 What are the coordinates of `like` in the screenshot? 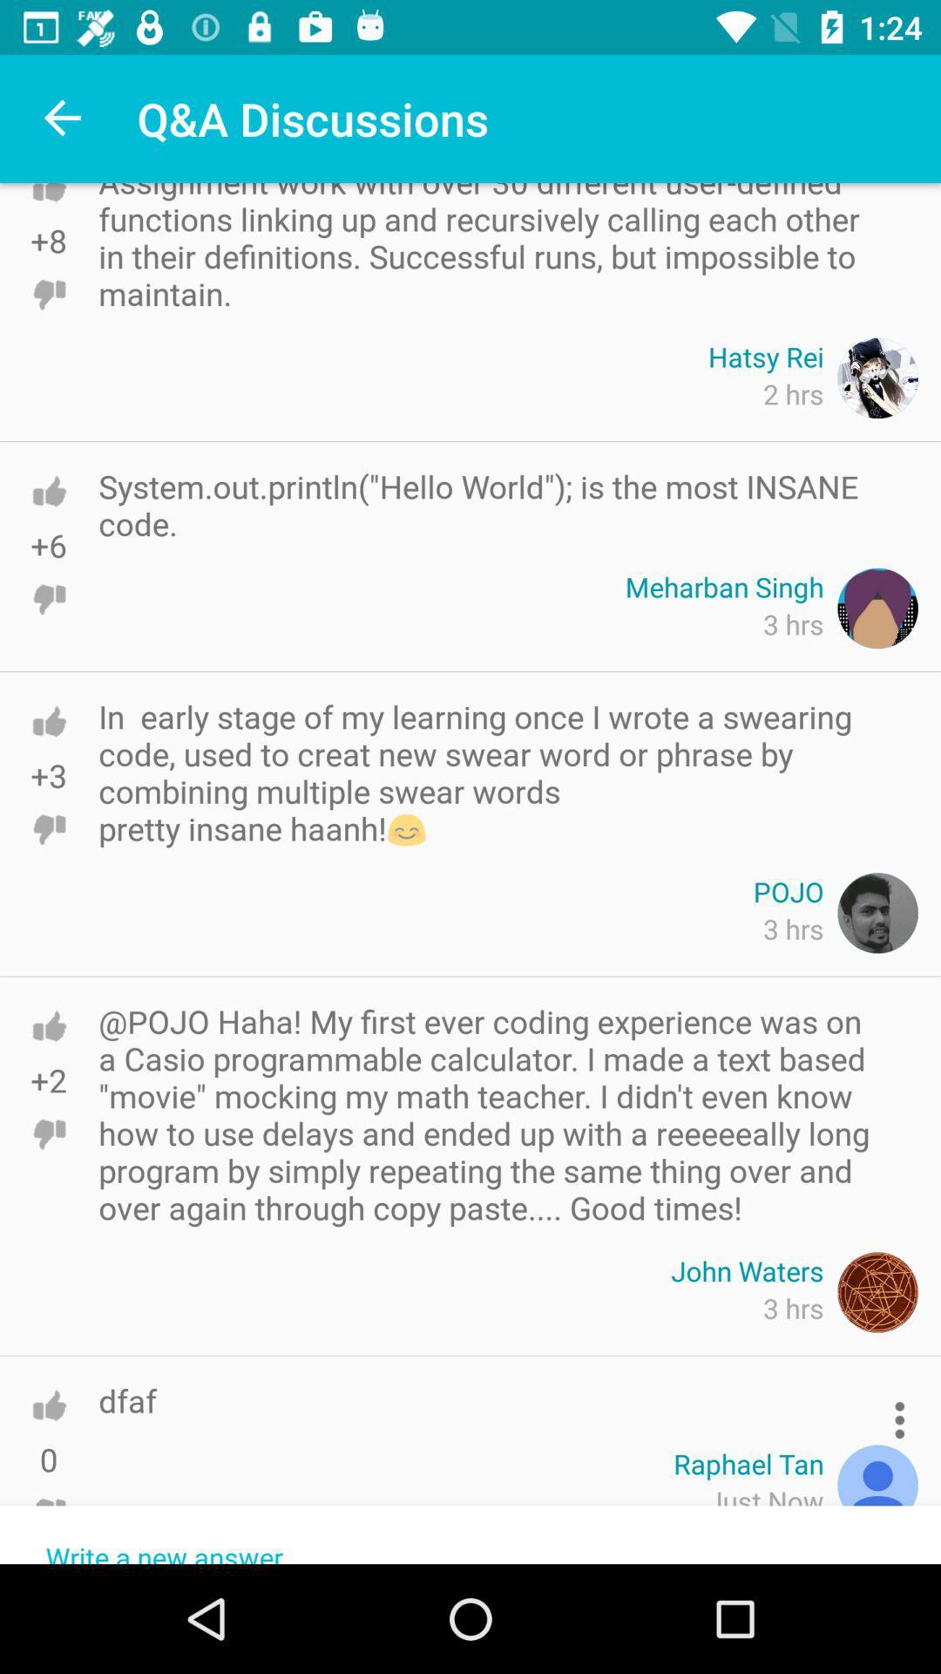 It's located at (48, 490).